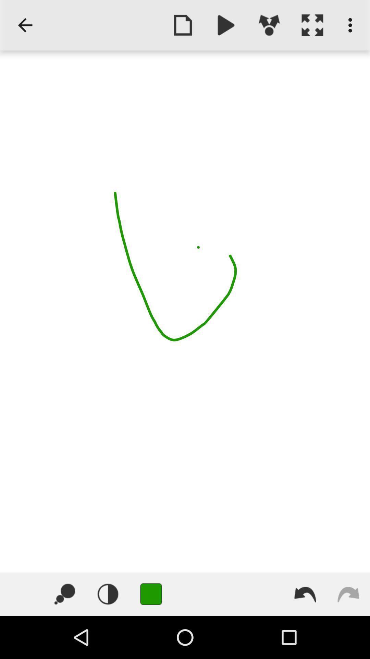  I want to click on the undo icon, so click(305, 594).